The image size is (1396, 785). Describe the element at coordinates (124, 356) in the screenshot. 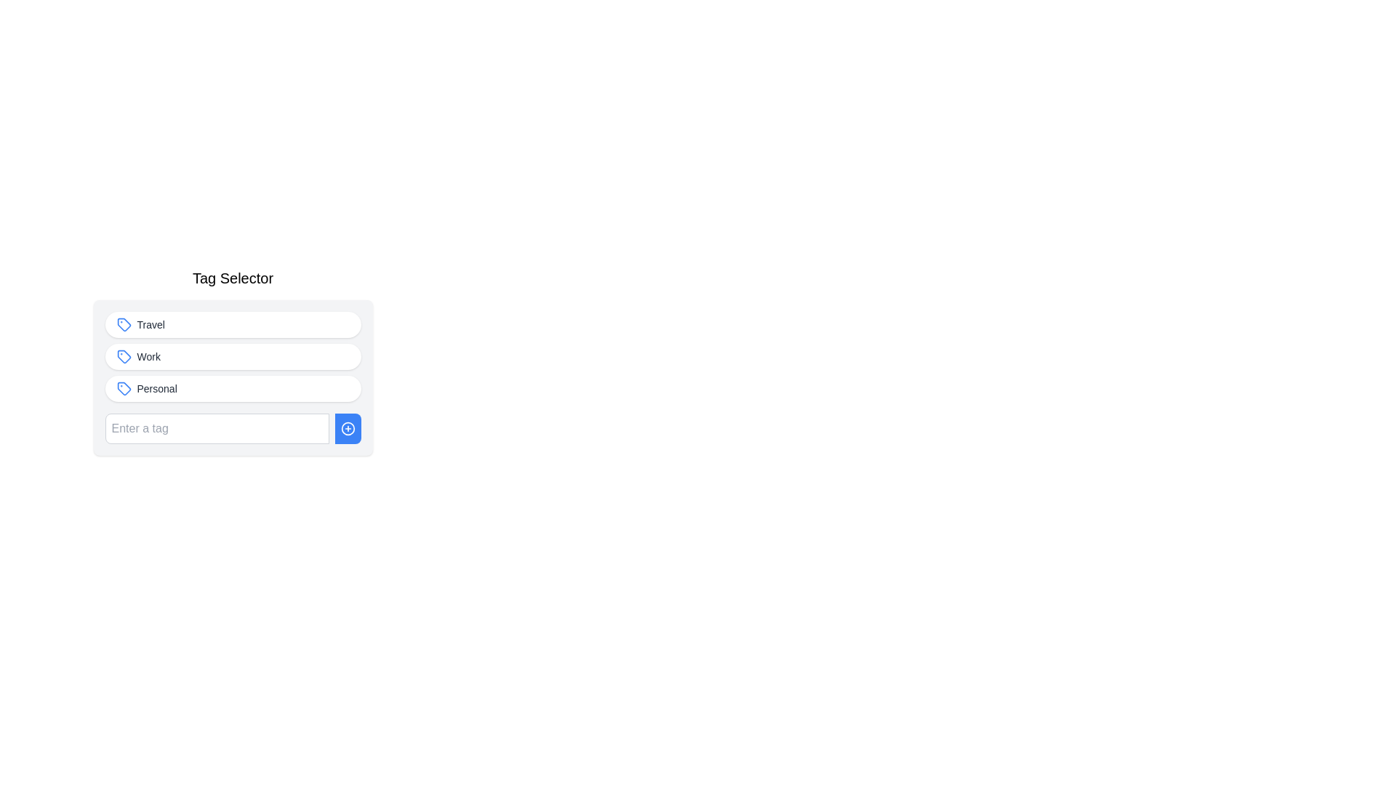

I see `the 'Work' tag icon, which is the second element in a vertical list of three tag icons within the 'Tag Selector' module` at that location.